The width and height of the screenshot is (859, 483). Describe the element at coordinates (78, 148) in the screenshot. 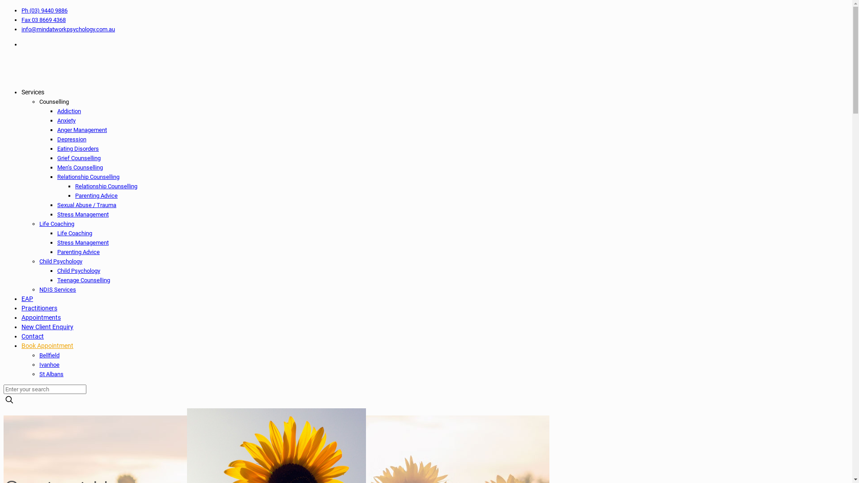

I see `'Eating Disorders'` at that location.